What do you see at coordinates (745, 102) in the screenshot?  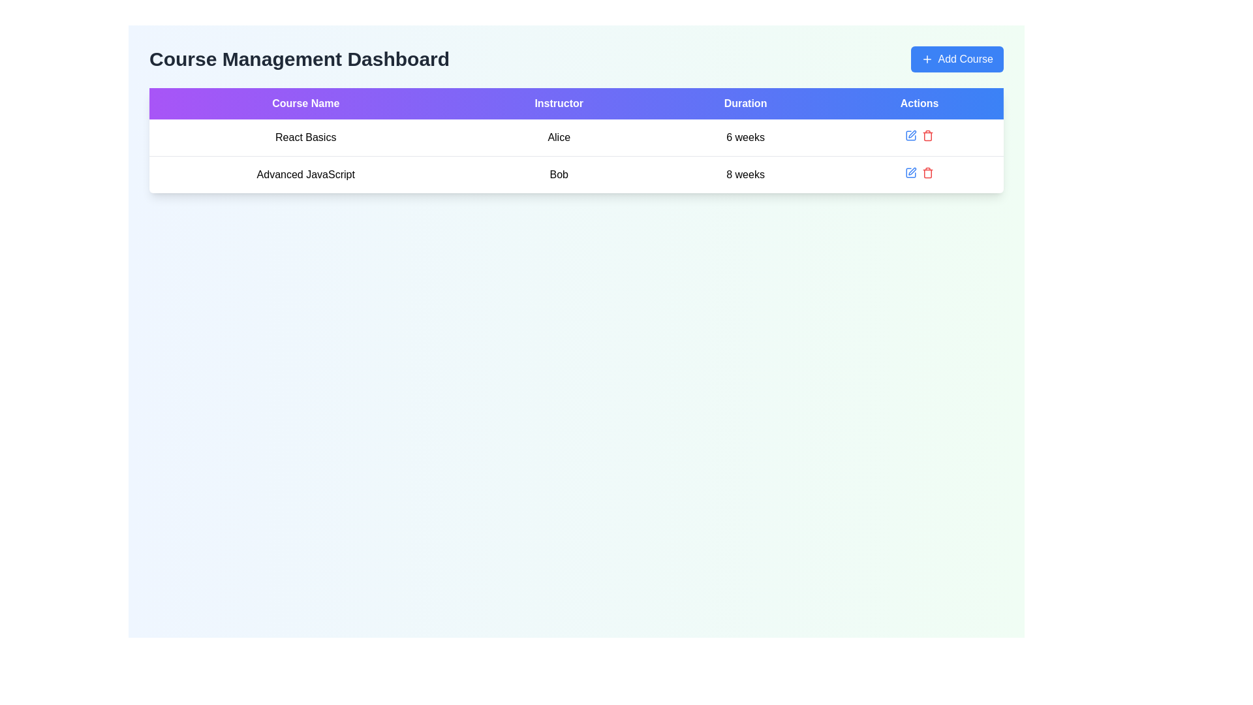 I see `text of the Column Header indicating the duration of items in the table, located between the 'Instructor' tab and the 'Actions' tab` at bounding box center [745, 102].